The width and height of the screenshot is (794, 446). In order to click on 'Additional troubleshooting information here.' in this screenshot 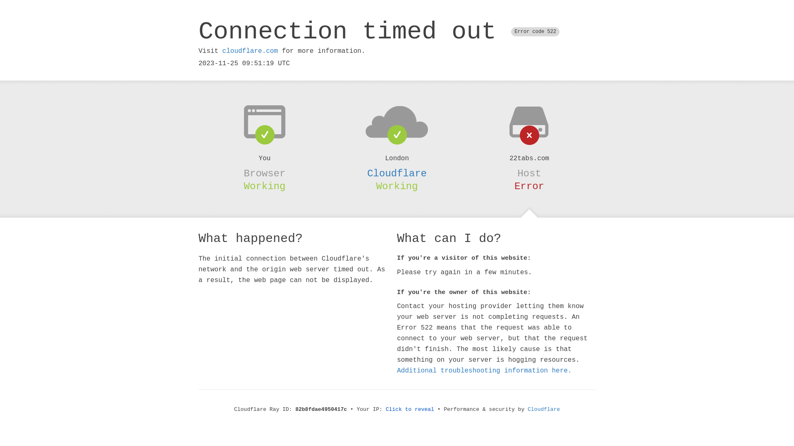, I will do `click(484, 370)`.